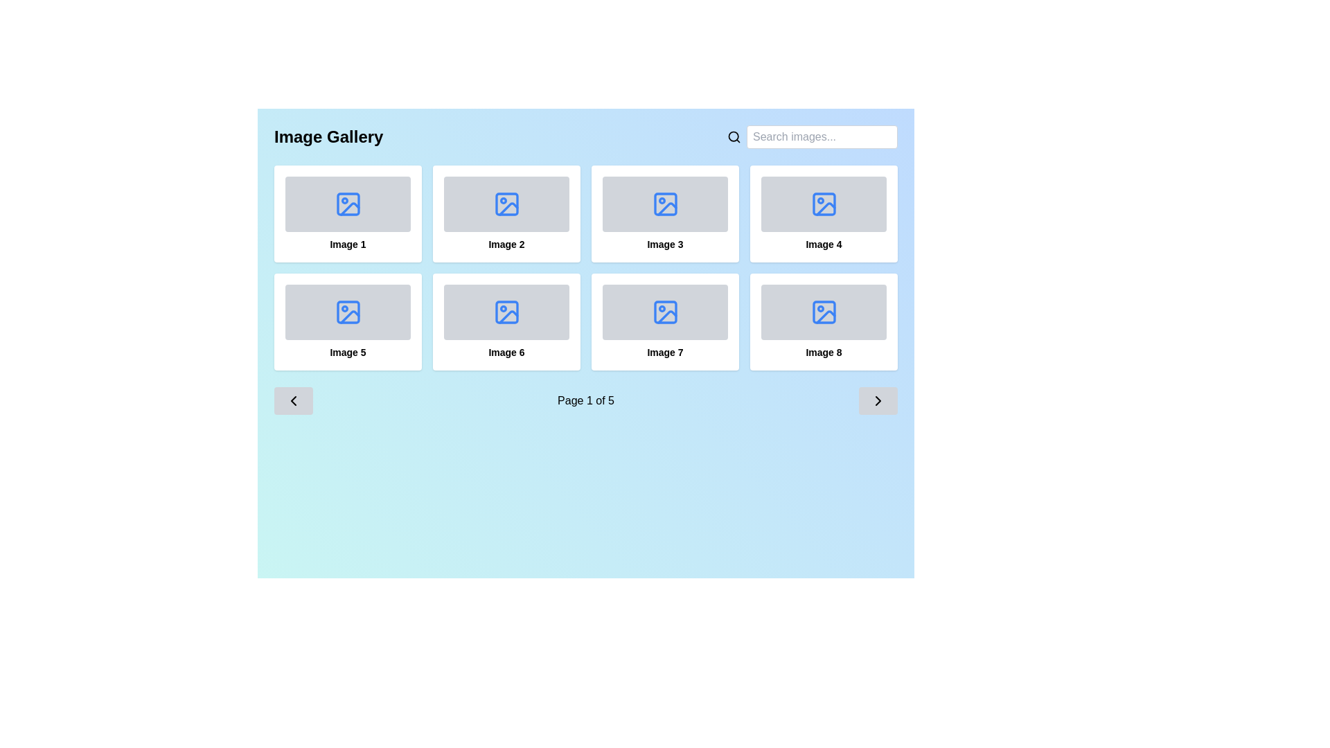 Image resolution: width=1330 pixels, height=748 pixels. What do you see at coordinates (292, 400) in the screenshot?
I see `the left-facing chevron icon located in the bottom-left corner of the interface` at bounding box center [292, 400].